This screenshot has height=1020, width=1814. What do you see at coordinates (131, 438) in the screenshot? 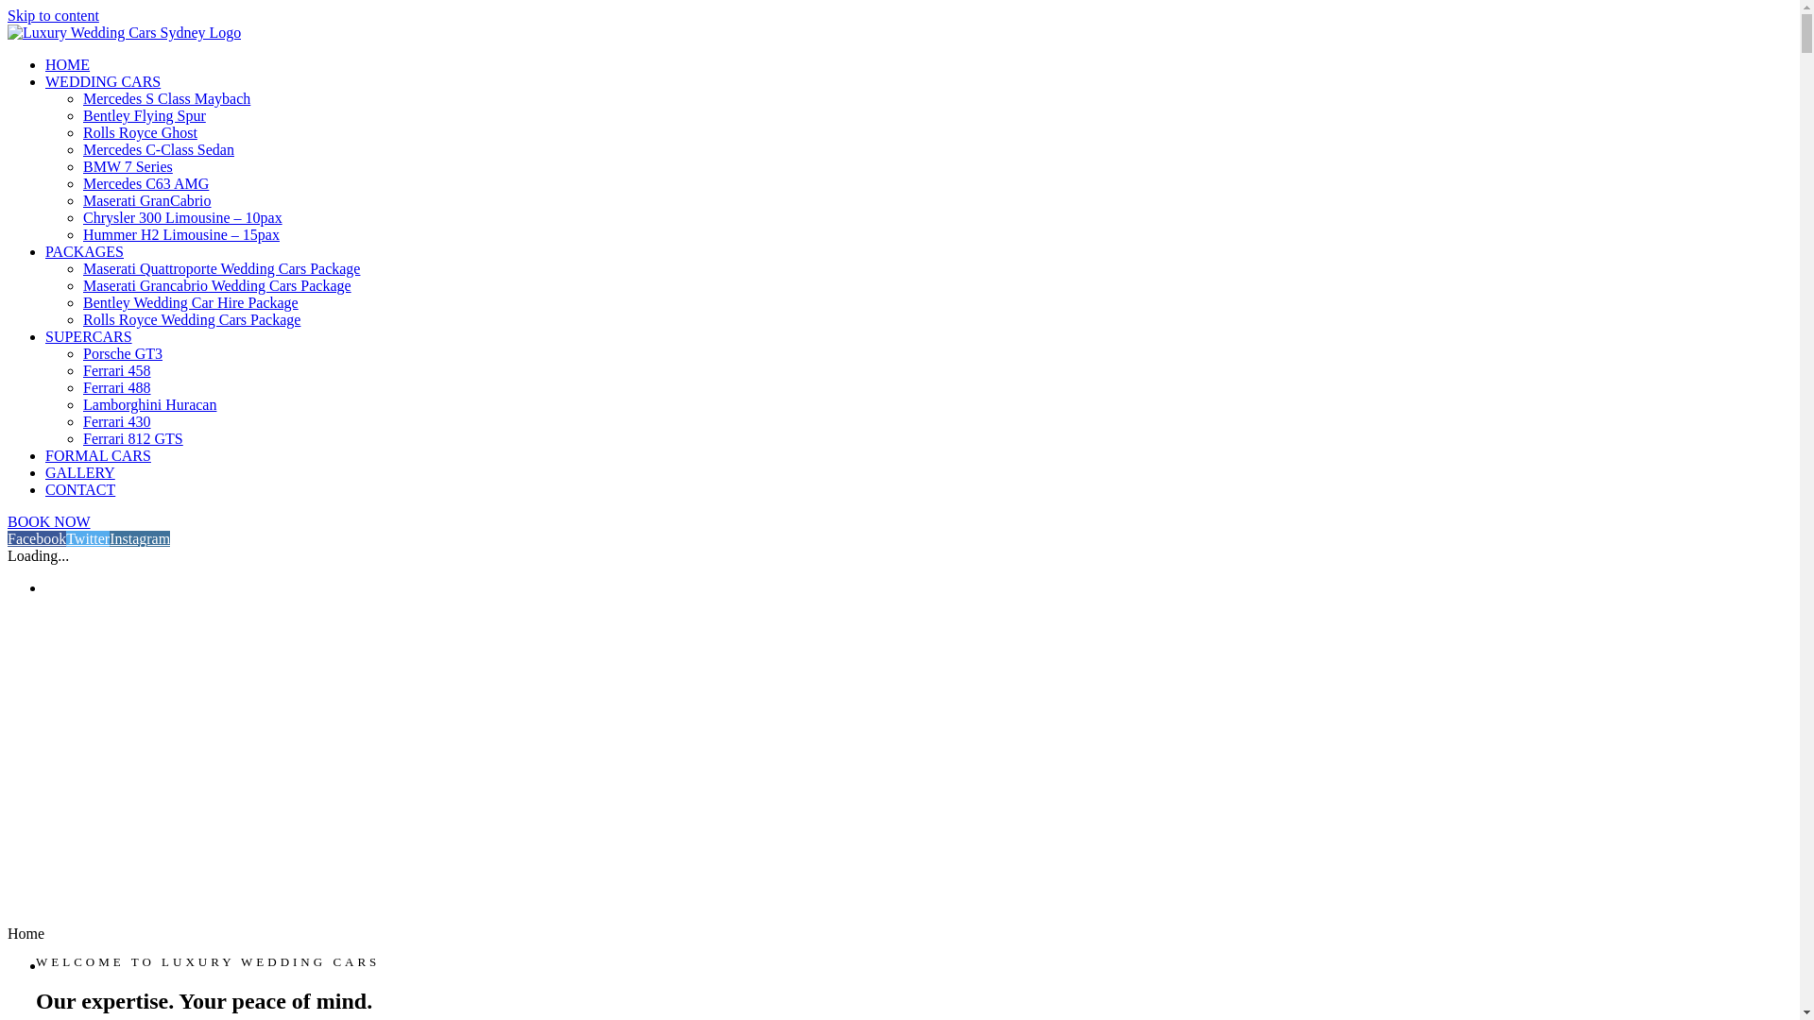
I see `'Ferrari 812 GTS'` at bounding box center [131, 438].